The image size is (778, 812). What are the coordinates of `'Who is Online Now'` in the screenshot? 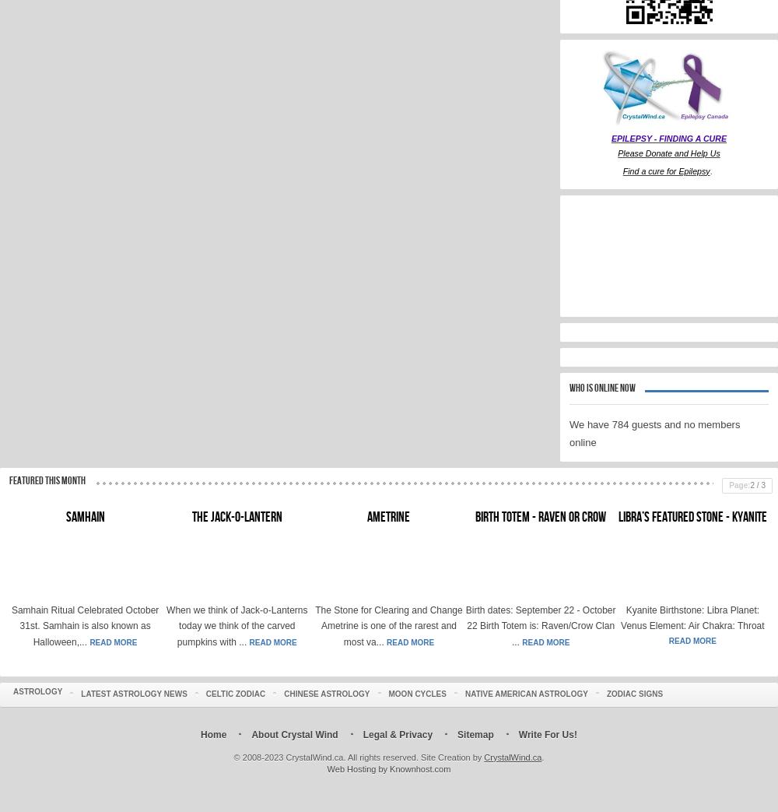 It's located at (602, 387).